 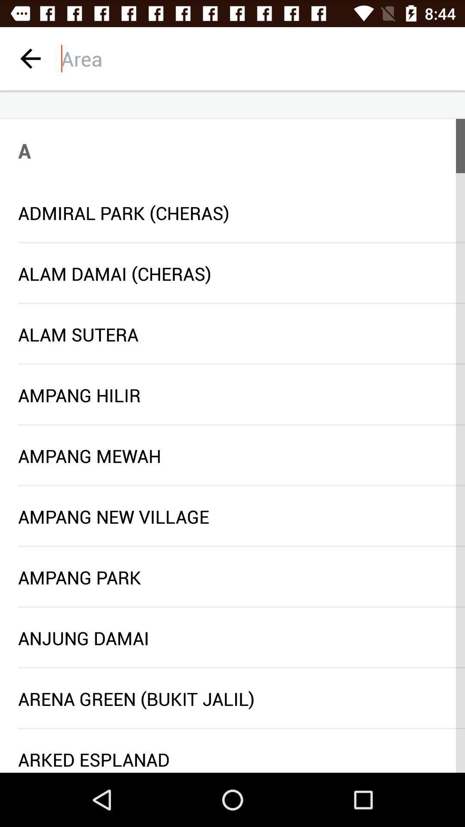 I want to click on the item below the alam sutera, so click(x=241, y=364).